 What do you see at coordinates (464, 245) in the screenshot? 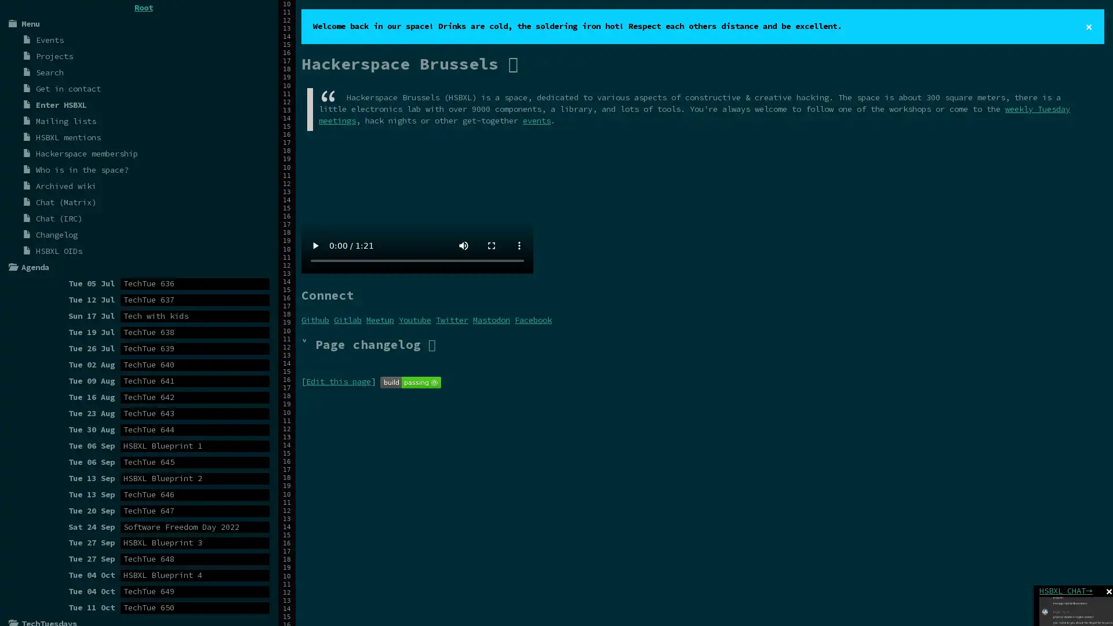
I see `mute` at bounding box center [464, 245].